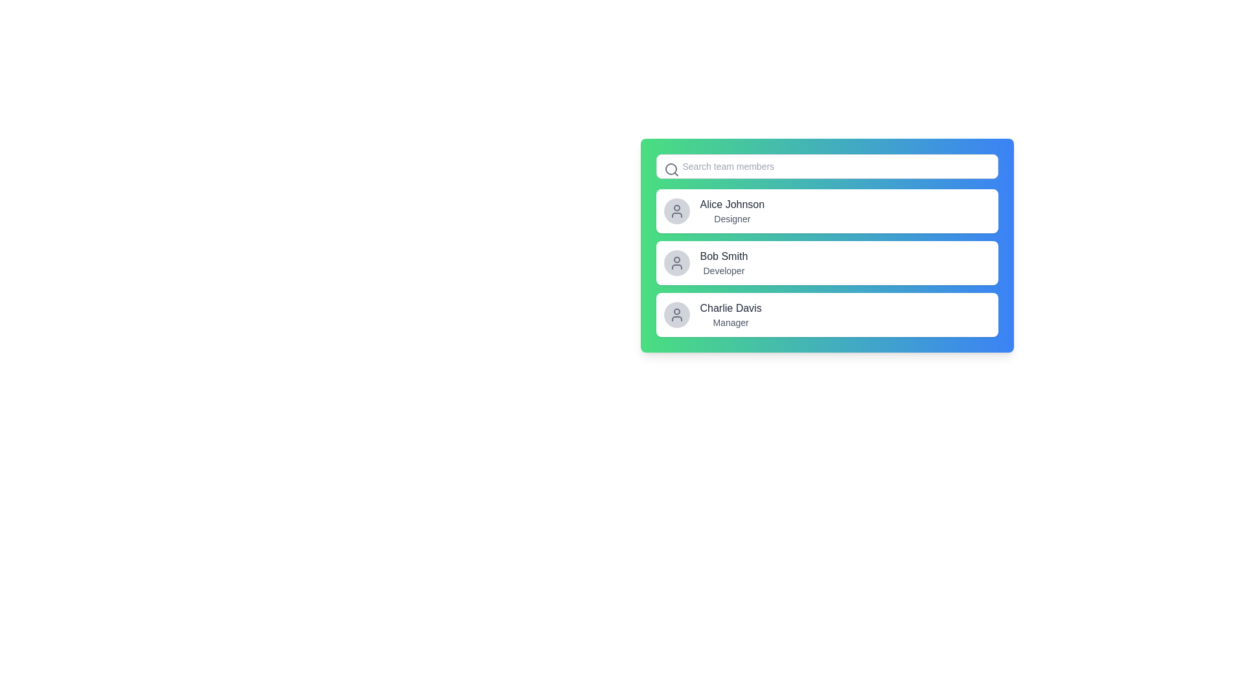 The image size is (1244, 700). I want to click on the Text Display Unit displaying 'Charlie Davis, Manager', so click(731, 315).